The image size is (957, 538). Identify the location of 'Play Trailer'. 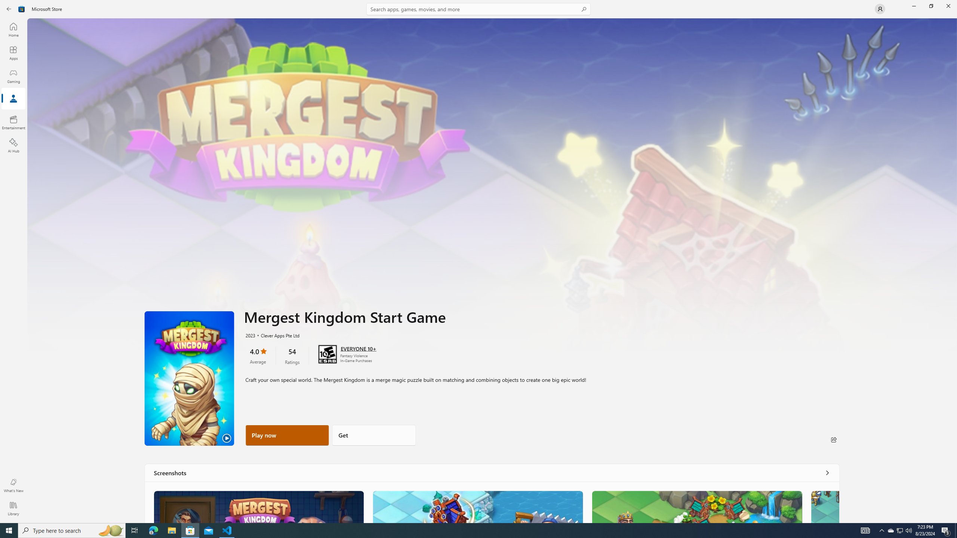
(189, 378).